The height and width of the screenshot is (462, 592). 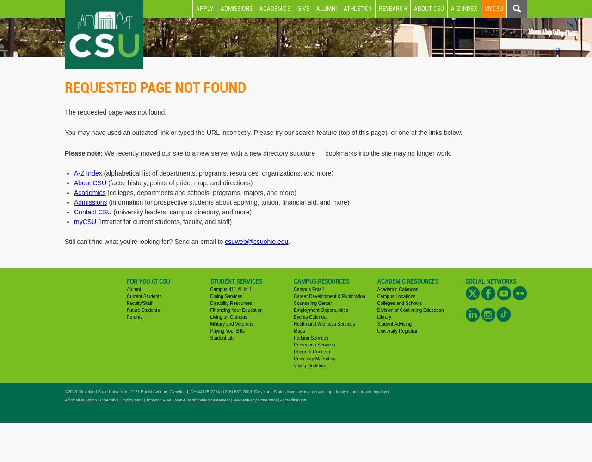 I want to click on 'Colleges and Schools', so click(x=399, y=303).